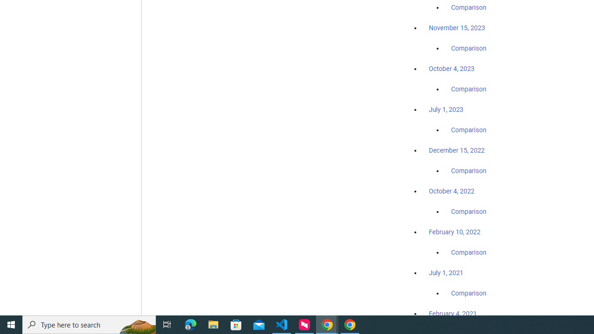  Describe the element at coordinates (457, 27) in the screenshot. I see `'November 15, 2023'` at that location.